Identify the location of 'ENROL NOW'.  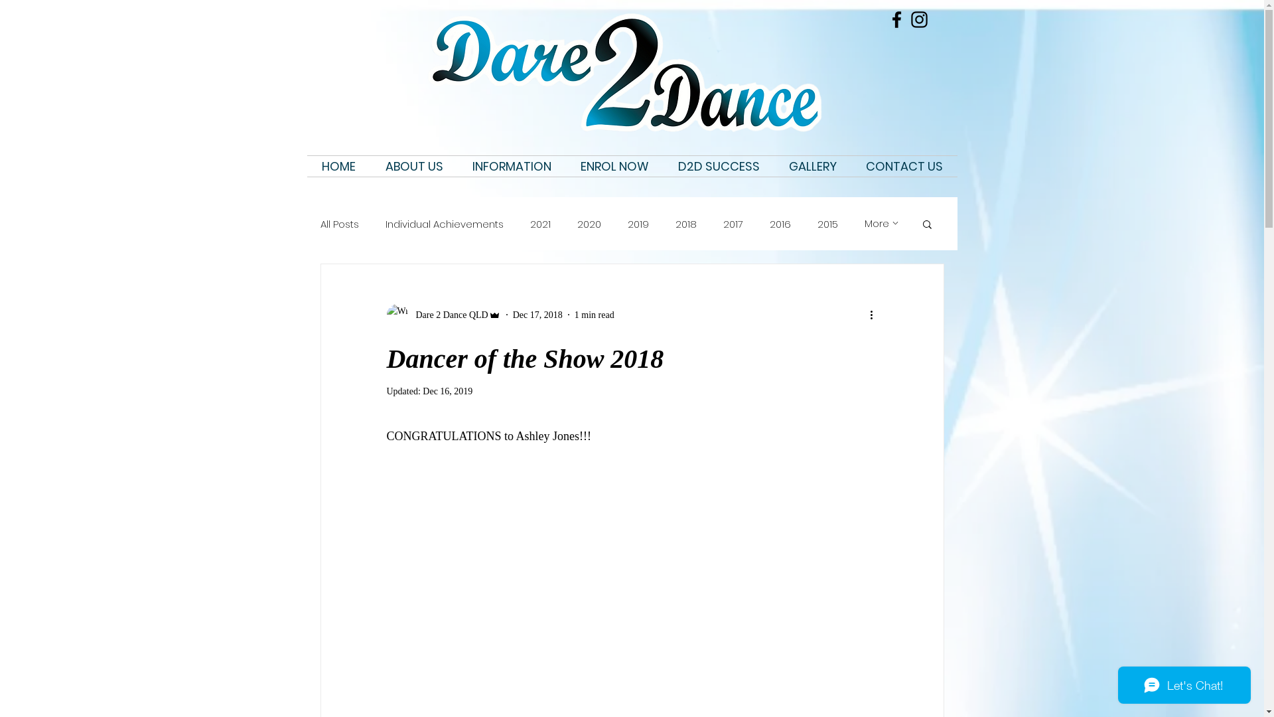
(613, 165).